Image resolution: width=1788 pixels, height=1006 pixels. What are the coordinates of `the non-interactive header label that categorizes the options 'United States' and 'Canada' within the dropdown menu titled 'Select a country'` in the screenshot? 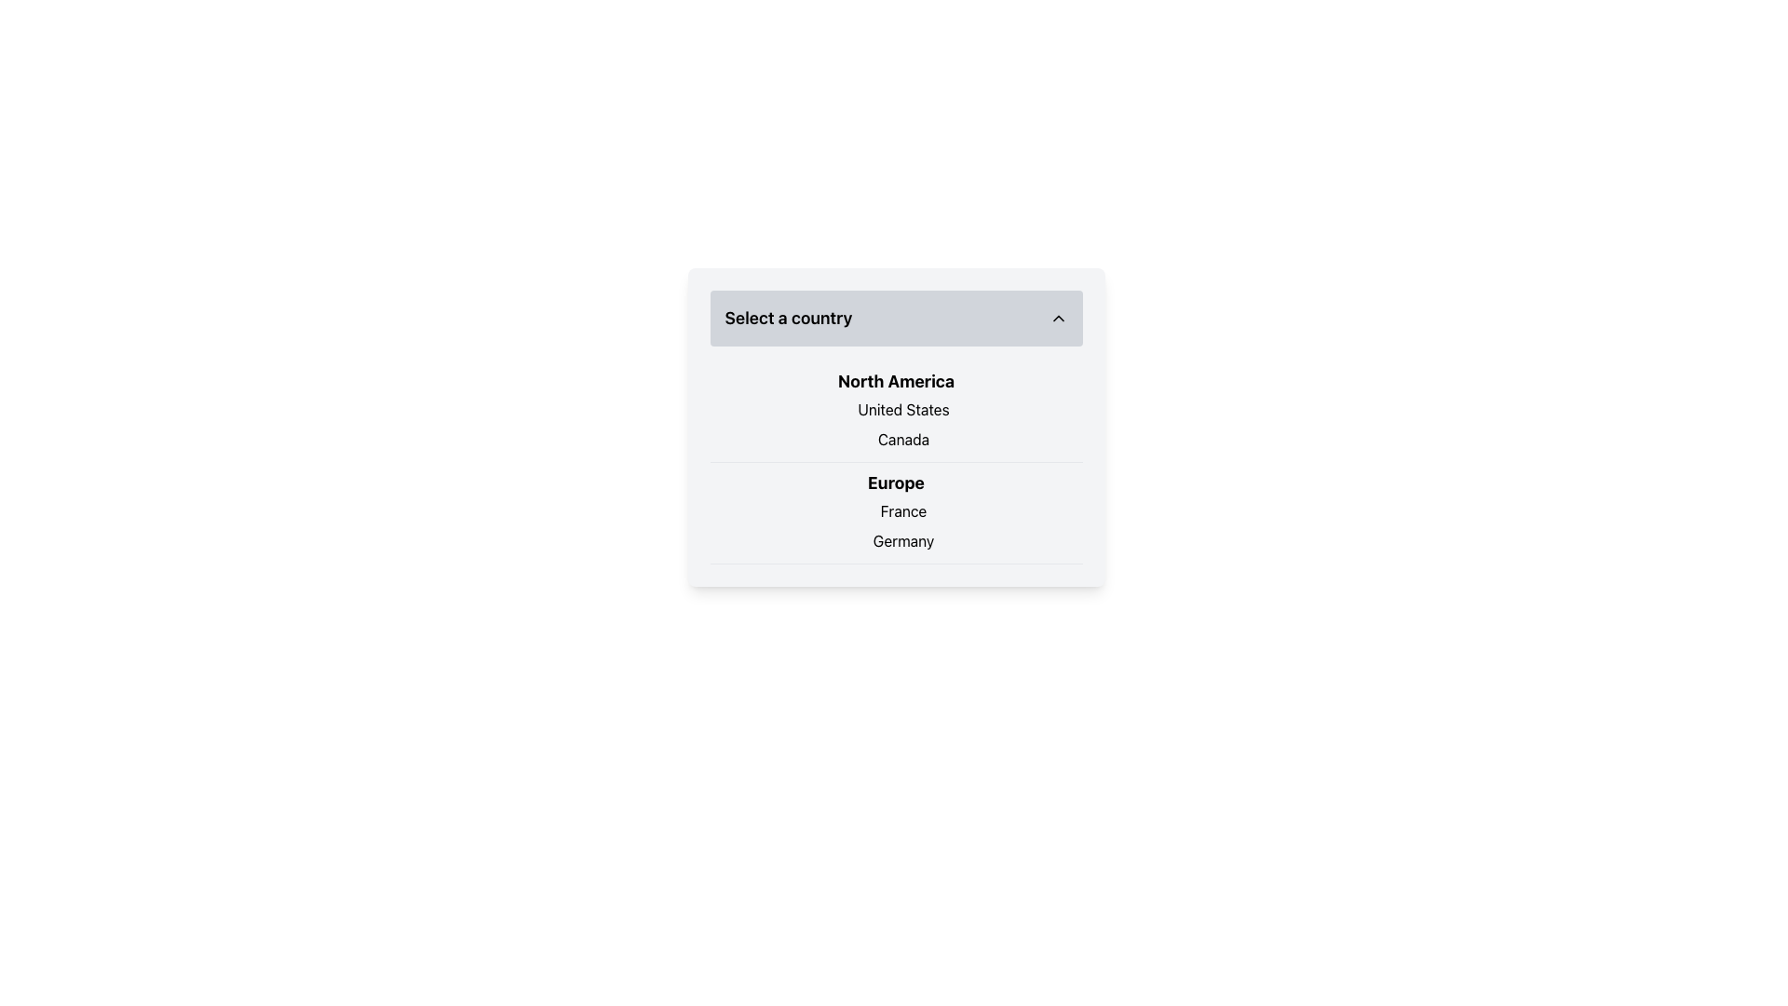 It's located at (896, 380).